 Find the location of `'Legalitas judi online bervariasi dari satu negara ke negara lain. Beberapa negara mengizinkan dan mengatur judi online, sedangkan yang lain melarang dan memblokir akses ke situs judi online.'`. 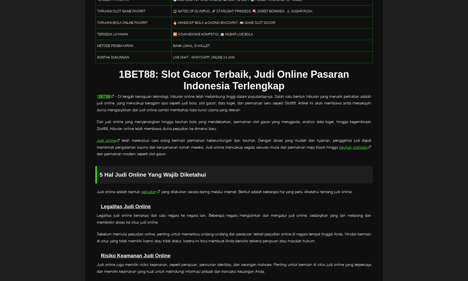

'Legalitas judi online bervariasi dari satu negara ke negara lain. Beberapa negara mengizinkan dan mengatur judi online, sedangkan yang lain melarang dan memblokir akses ke situs judi online.' is located at coordinates (234, 218).